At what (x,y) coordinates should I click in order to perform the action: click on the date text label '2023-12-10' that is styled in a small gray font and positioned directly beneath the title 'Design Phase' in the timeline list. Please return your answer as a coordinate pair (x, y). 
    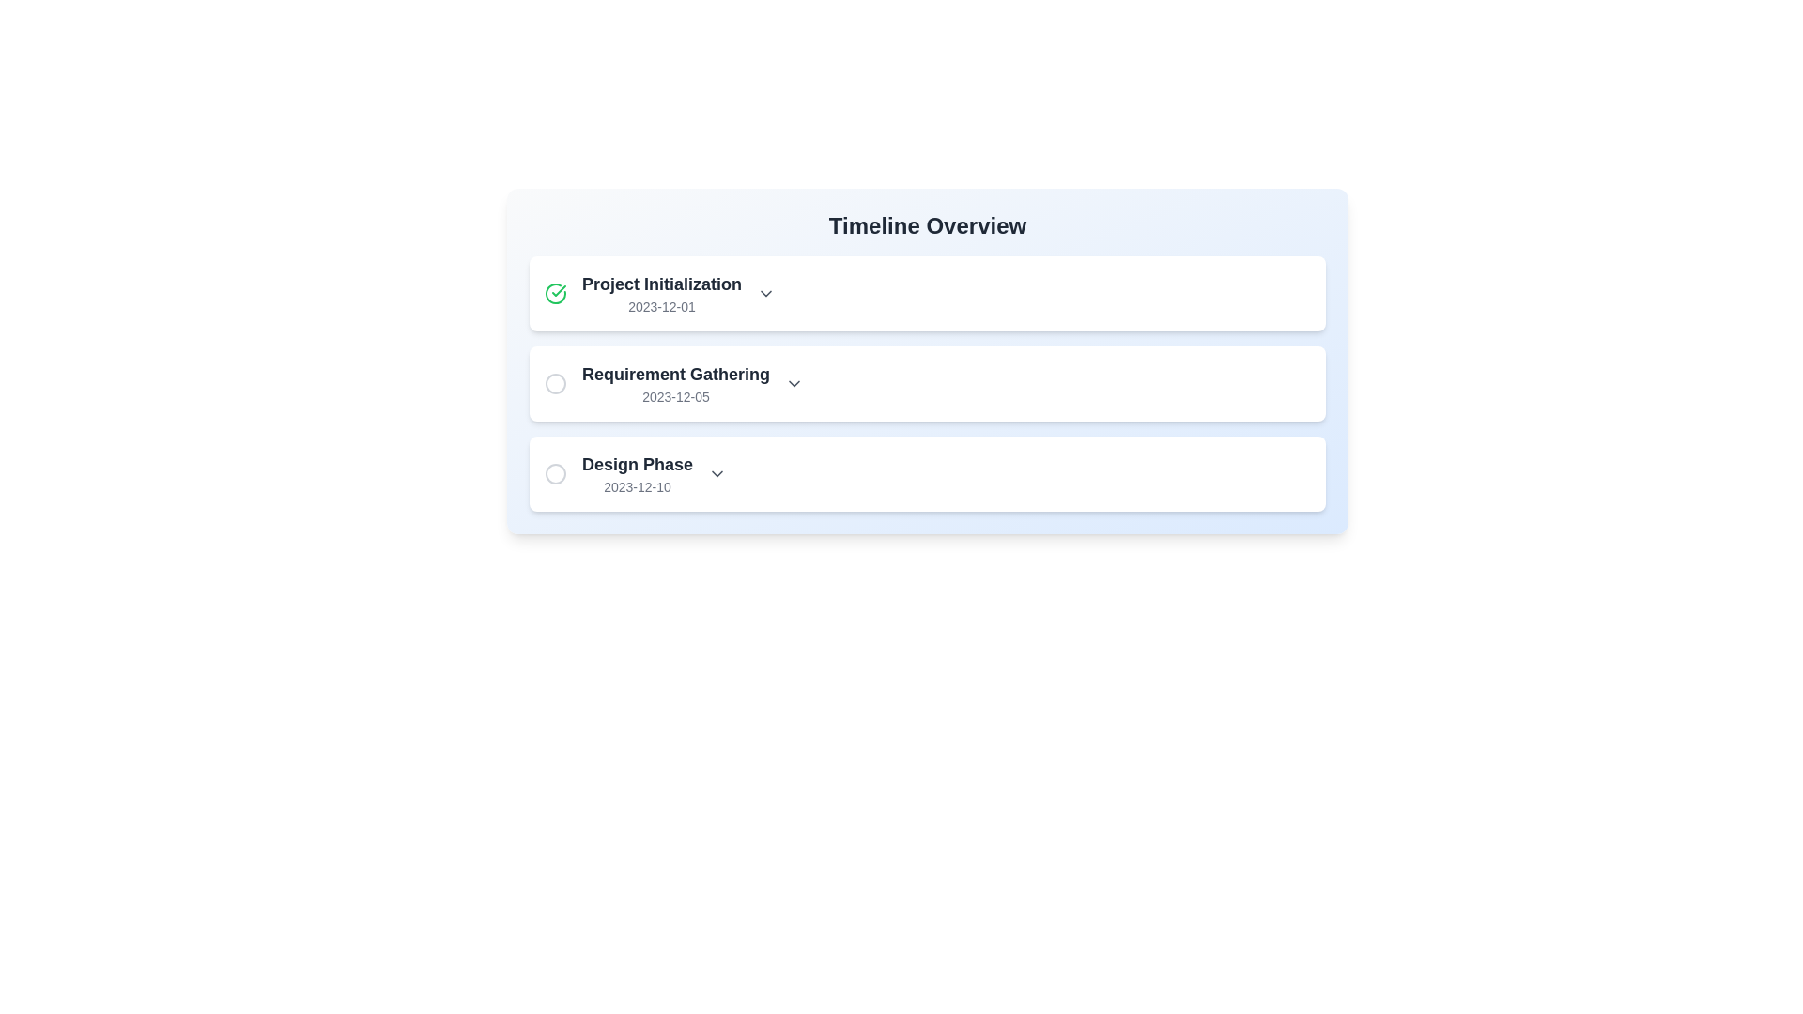
    Looking at the image, I should click on (638, 486).